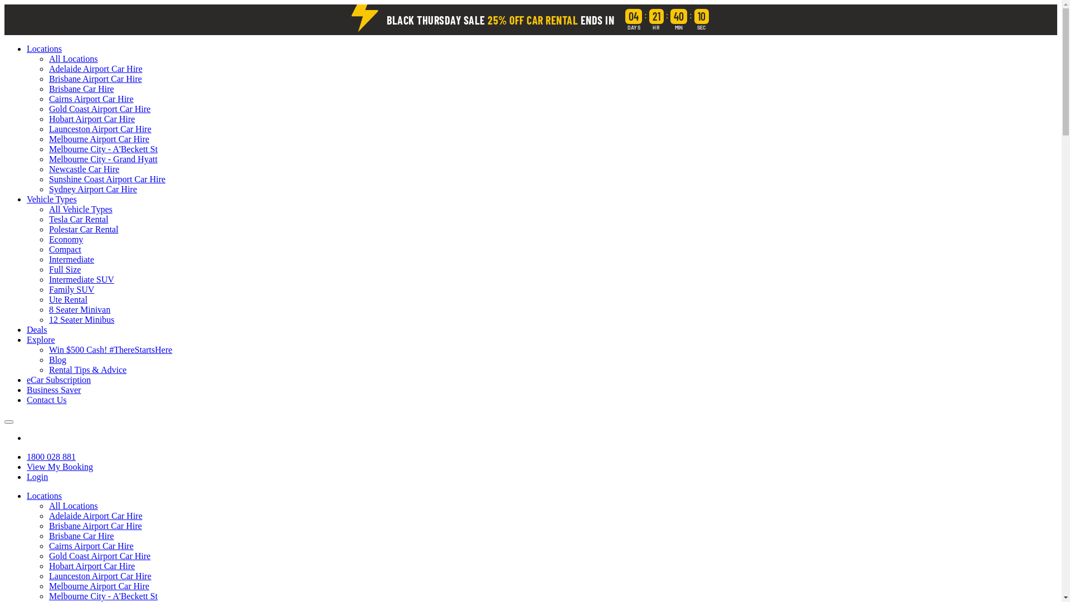  Describe the element at coordinates (107, 178) in the screenshot. I see `'Sunshine Coast Airport Car Hire'` at that location.